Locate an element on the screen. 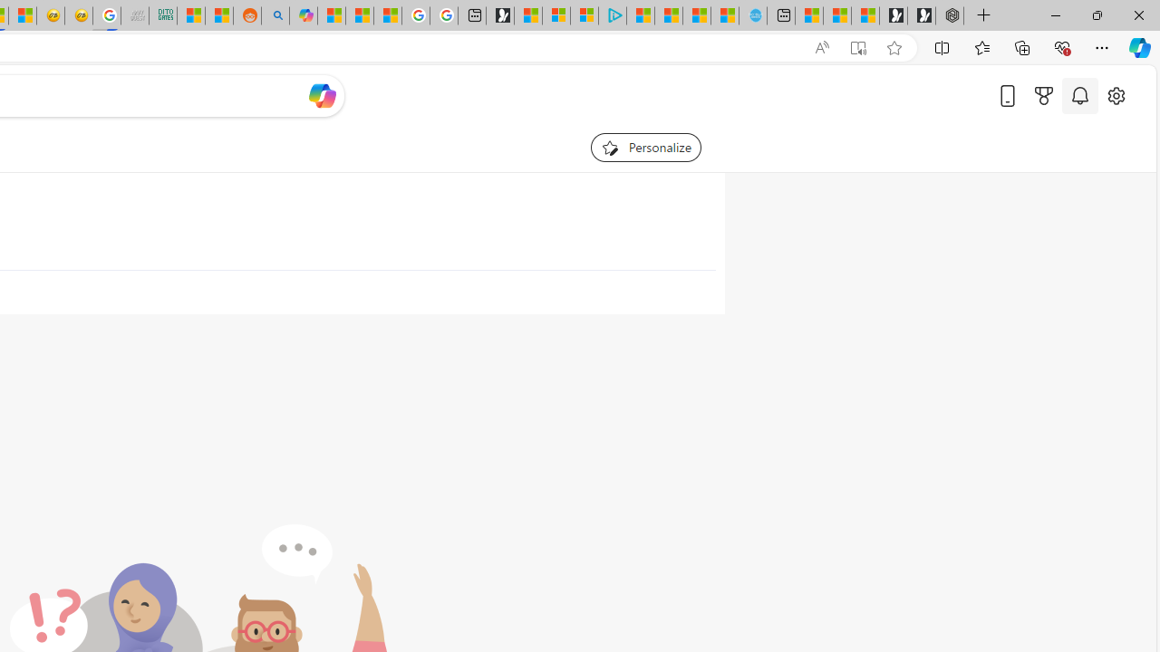  'Home | Sky Blue Bikes - Sky Blue Bikes' is located at coordinates (752, 15).